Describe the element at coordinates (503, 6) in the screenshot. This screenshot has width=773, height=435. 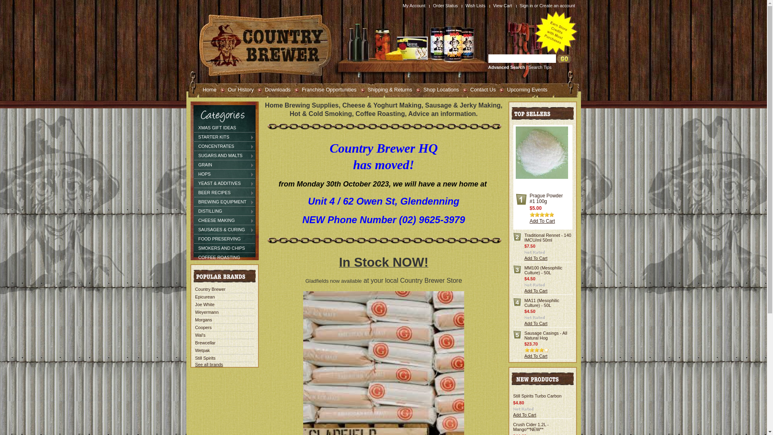
I see `'View Cart'` at that location.